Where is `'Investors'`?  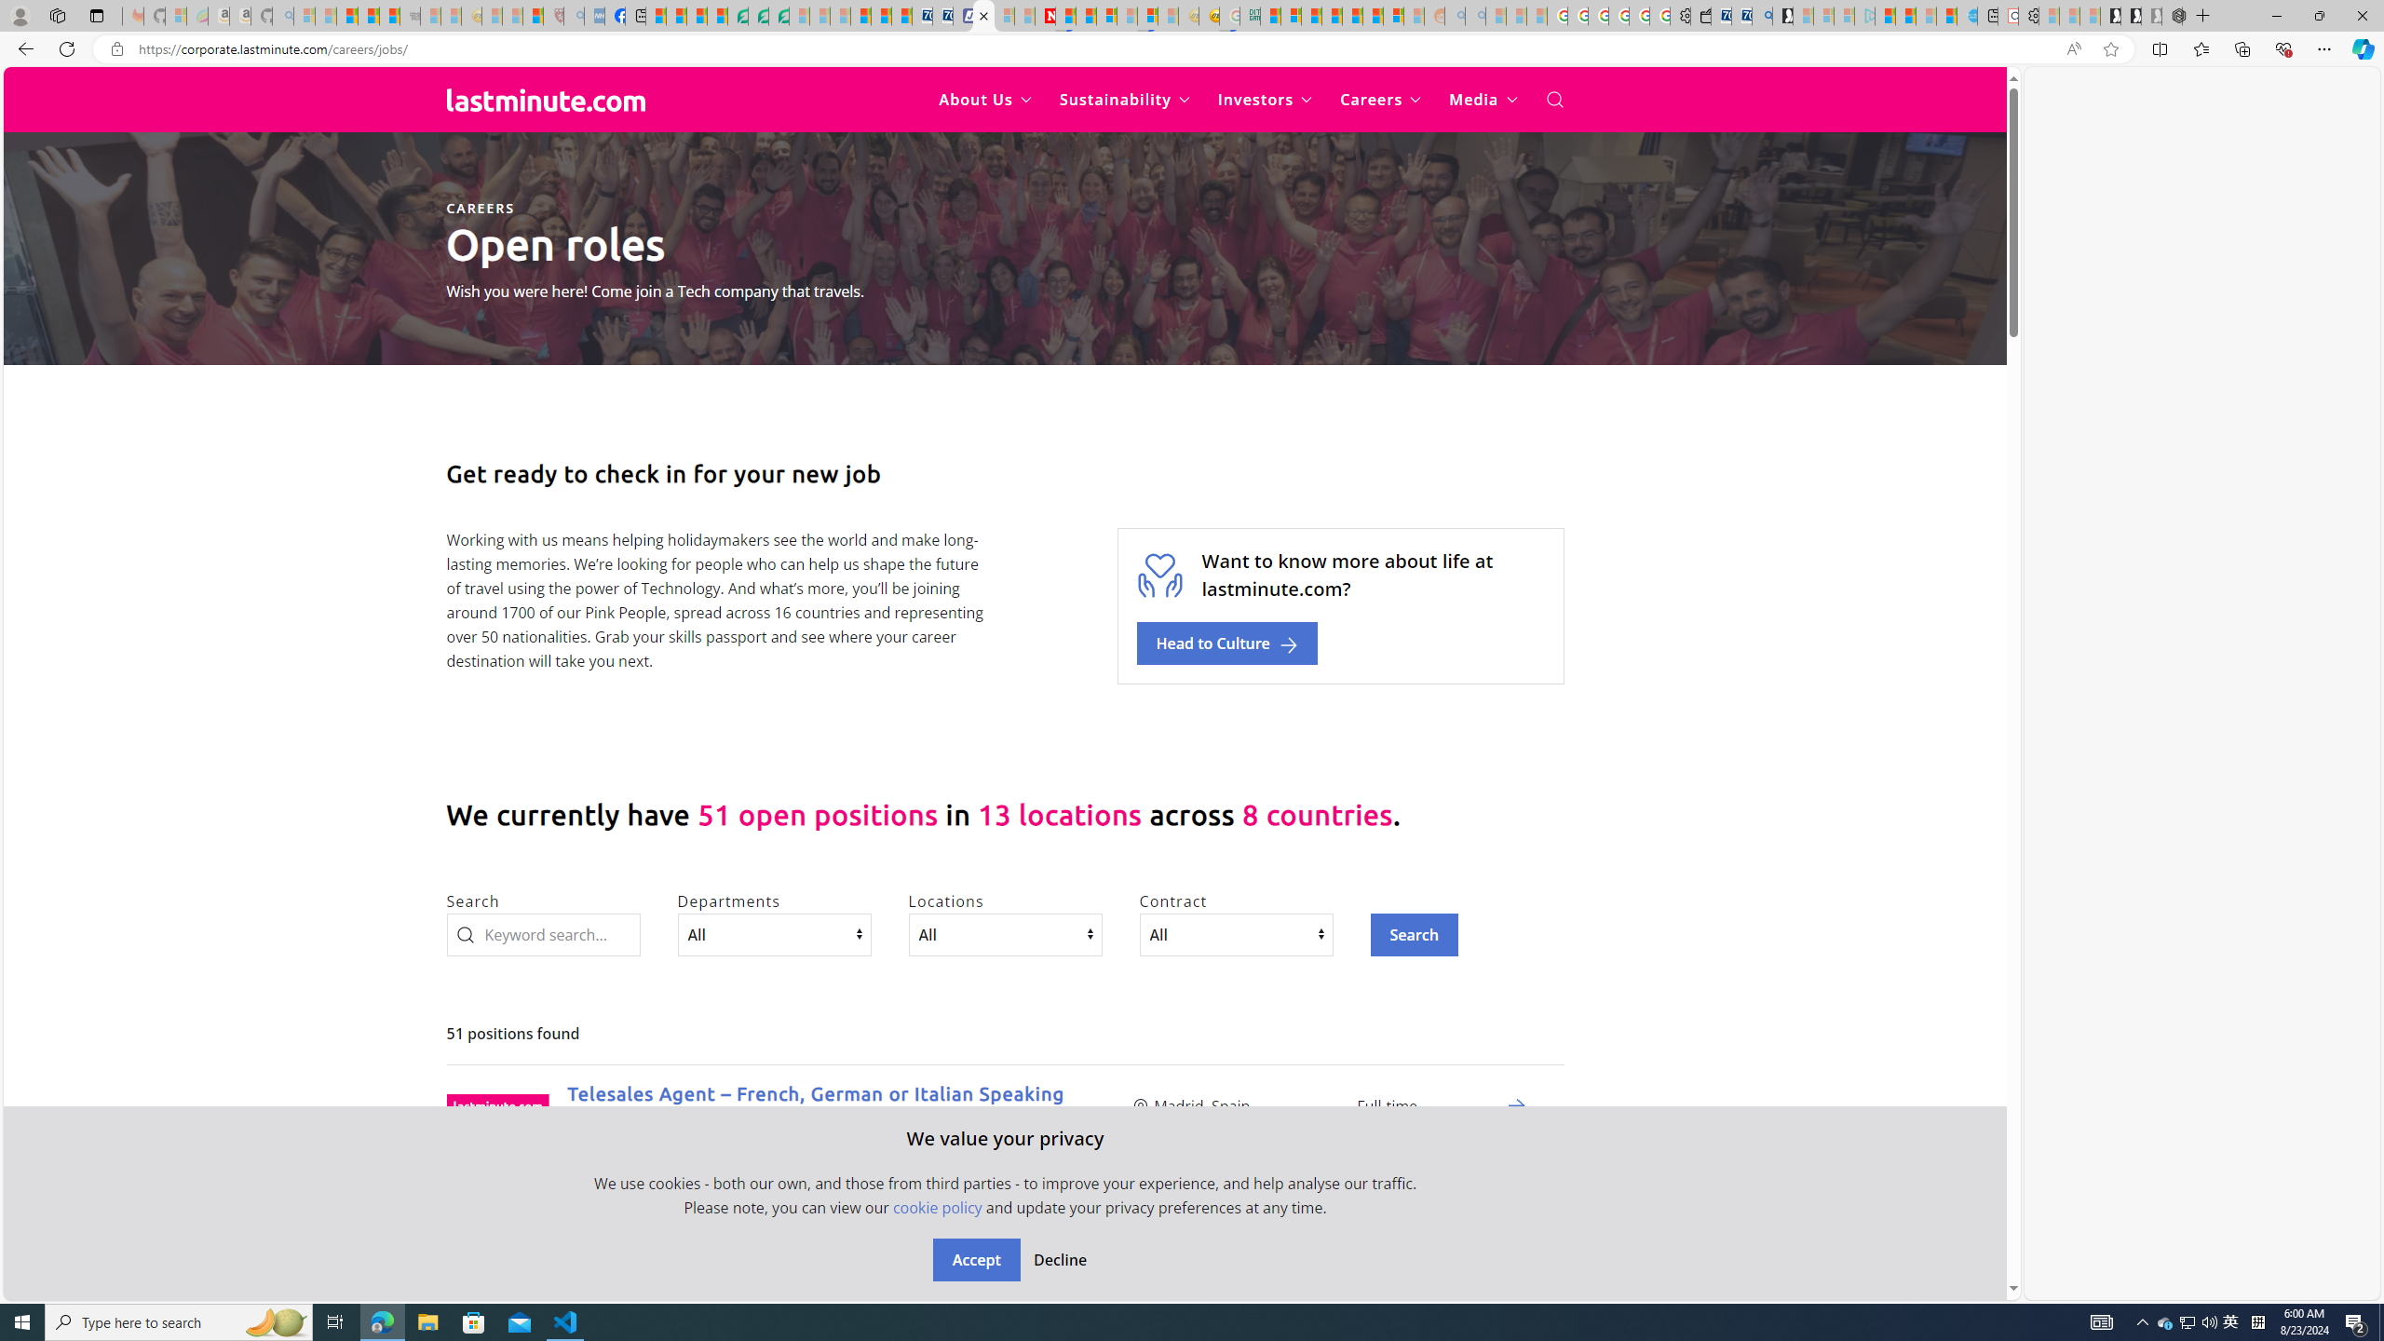 'Investors' is located at coordinates (1265, 100).